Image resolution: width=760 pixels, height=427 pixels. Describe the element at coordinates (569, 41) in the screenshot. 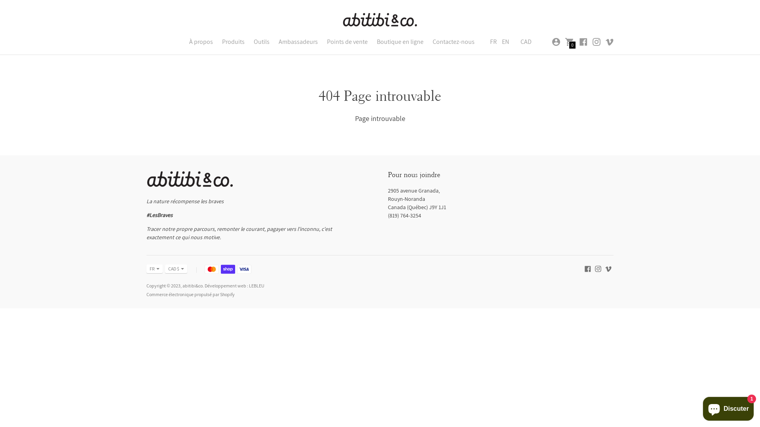

I see `'0'` at that location.